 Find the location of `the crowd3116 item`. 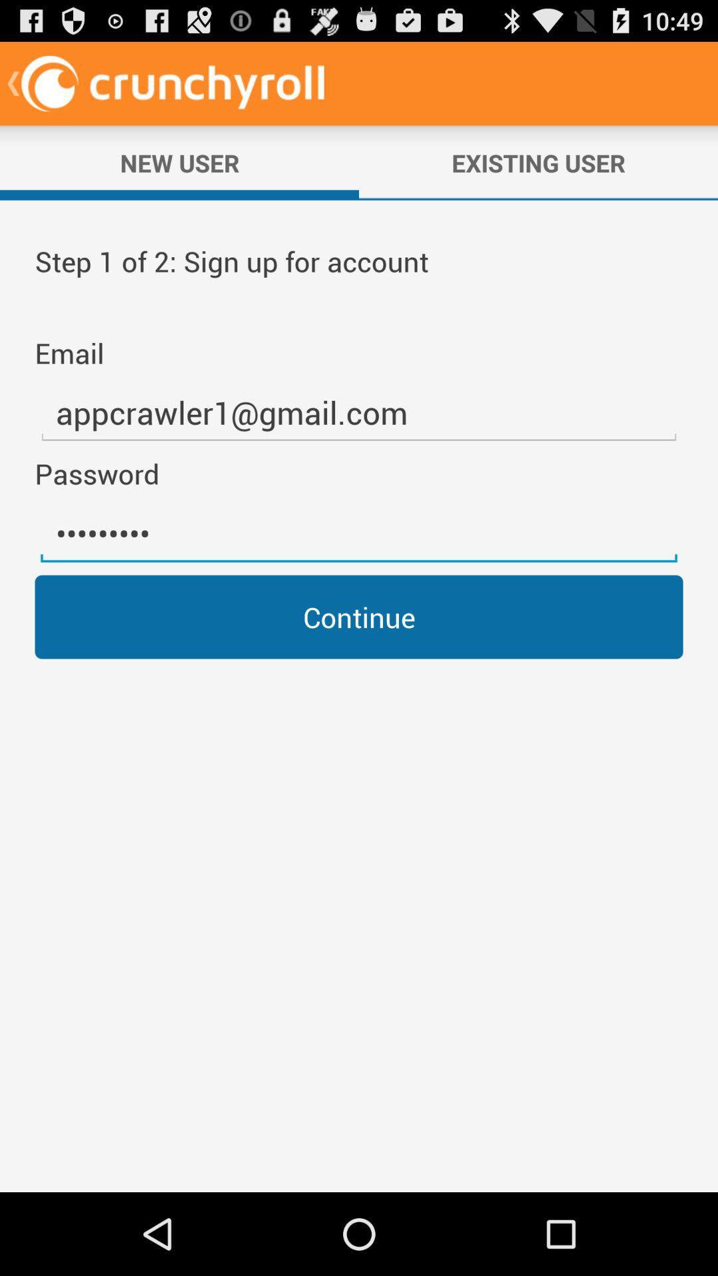

the crowd3116 item is located at coordinates (359, 534).